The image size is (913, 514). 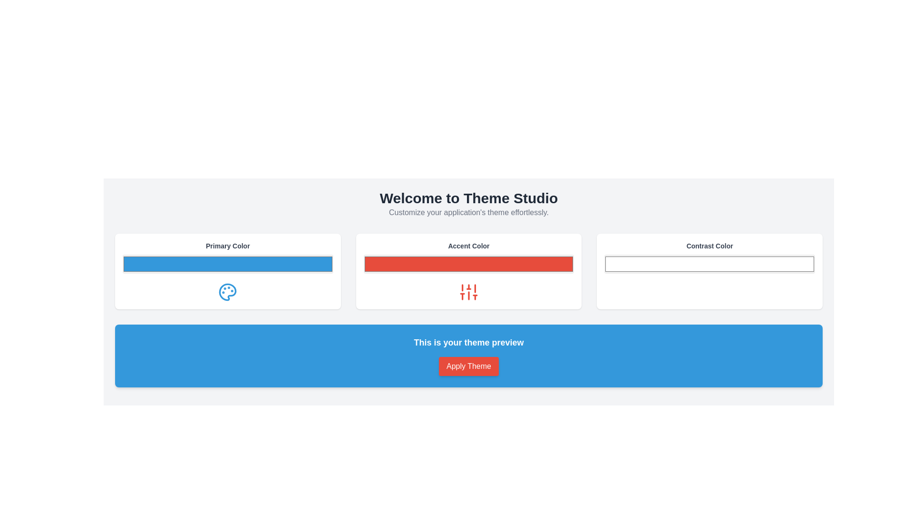 What do you see at coordinates (468, 198) in the screenshot?
I see `the large, bold text element reading 'Welcome to Theme Studio' which is centered at the top of the interface` at bounding box center [468, 198].